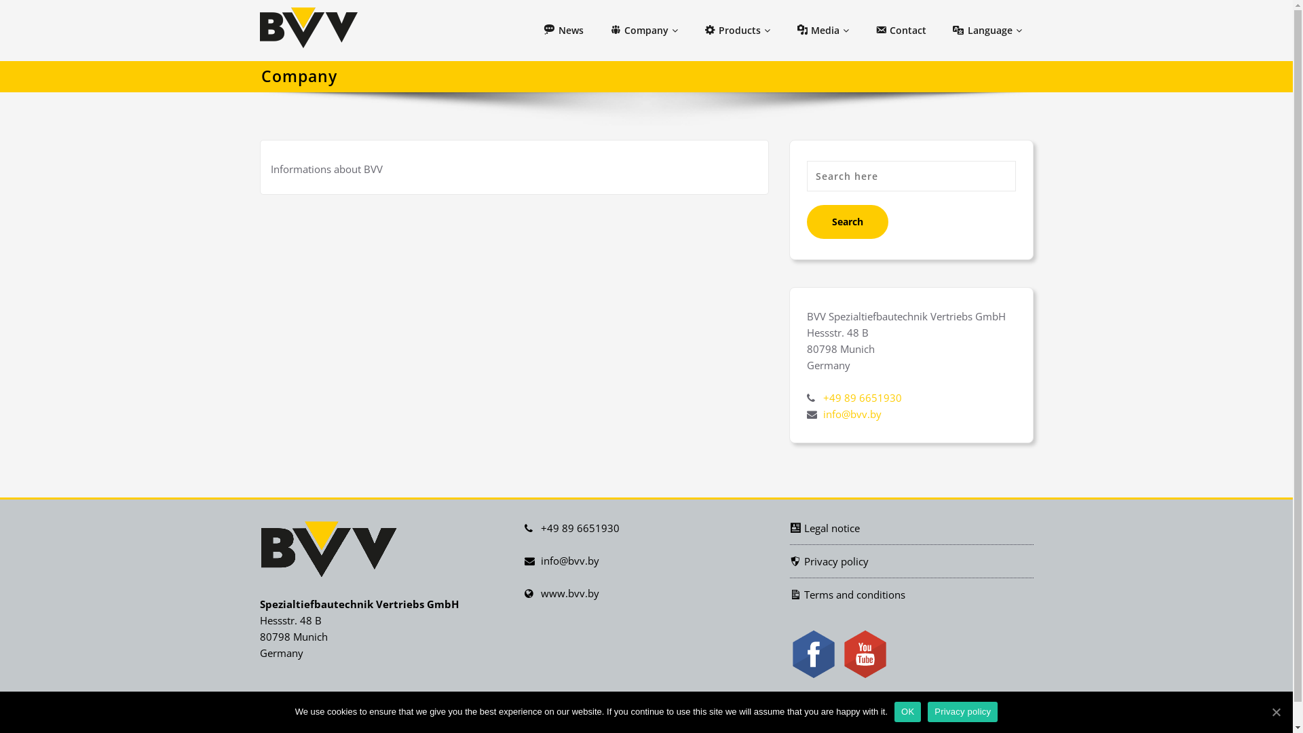  Describe the element at coordinates (788, 527) in the screenshot. I see `'Legal notice'` at that location.